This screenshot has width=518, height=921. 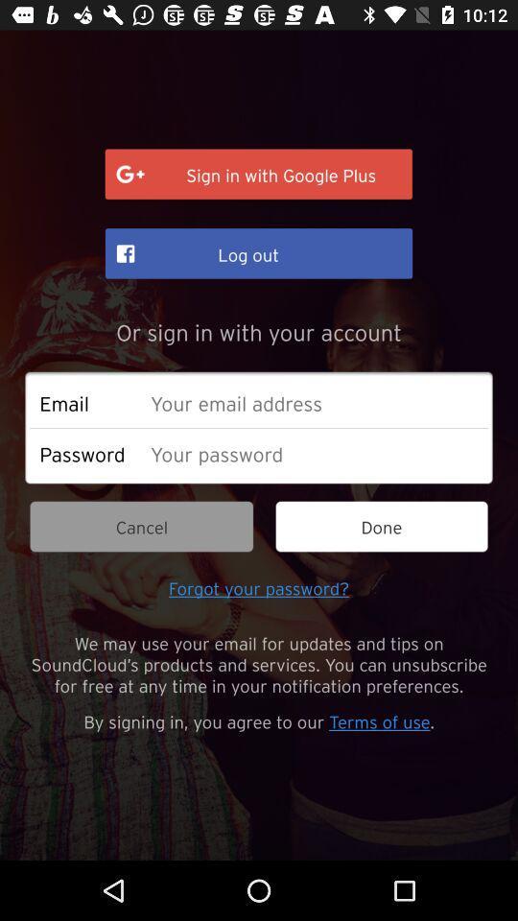 I want to click on icon above or sign in, so click(x=259, y=252).